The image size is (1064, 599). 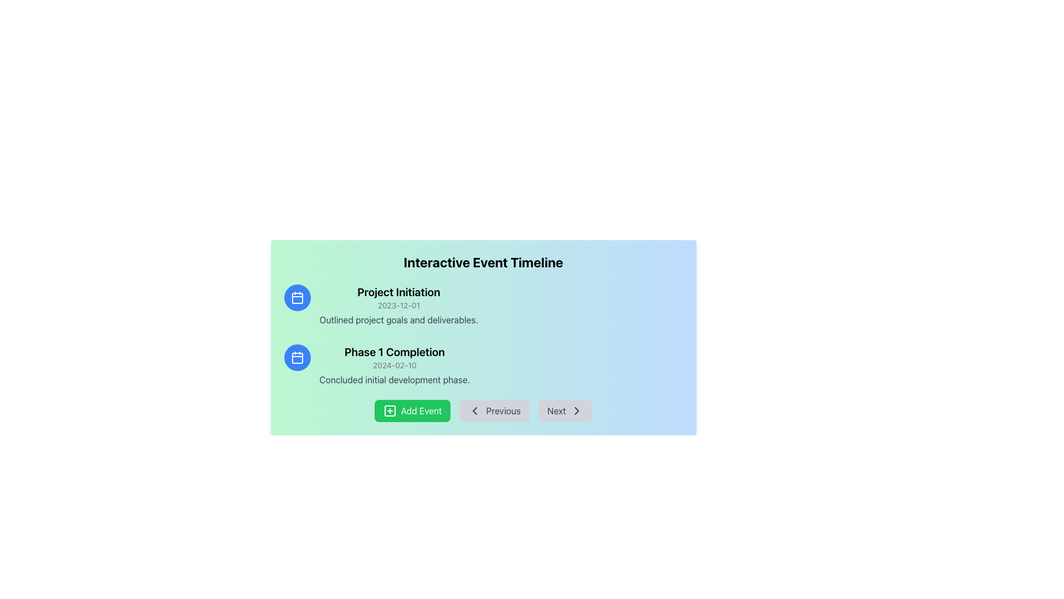 What do you see at coordinates (297, 358) in the screenshot?
I see `the main body of the calendar icon represented by the SVG rectangle within the SVG group` at bounding box center [297, 358].